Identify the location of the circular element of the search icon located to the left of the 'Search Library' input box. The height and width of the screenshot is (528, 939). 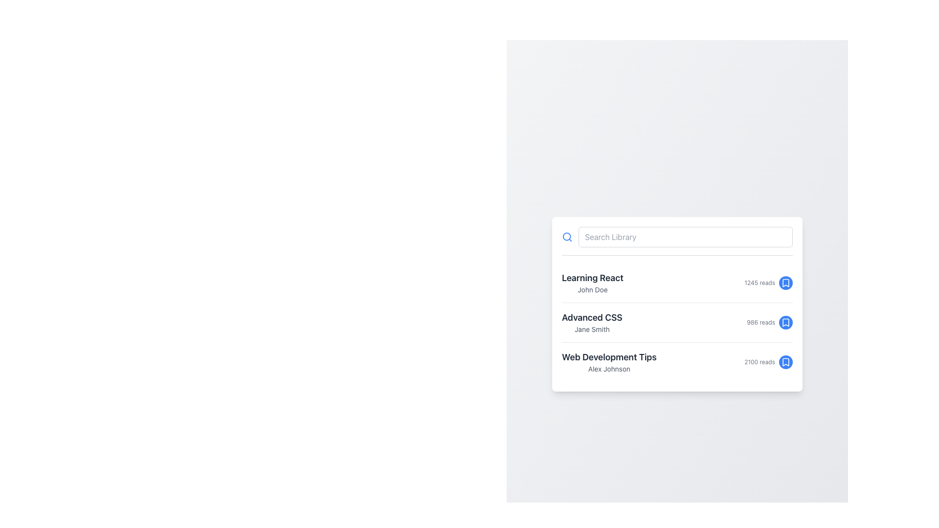
(567, 236).